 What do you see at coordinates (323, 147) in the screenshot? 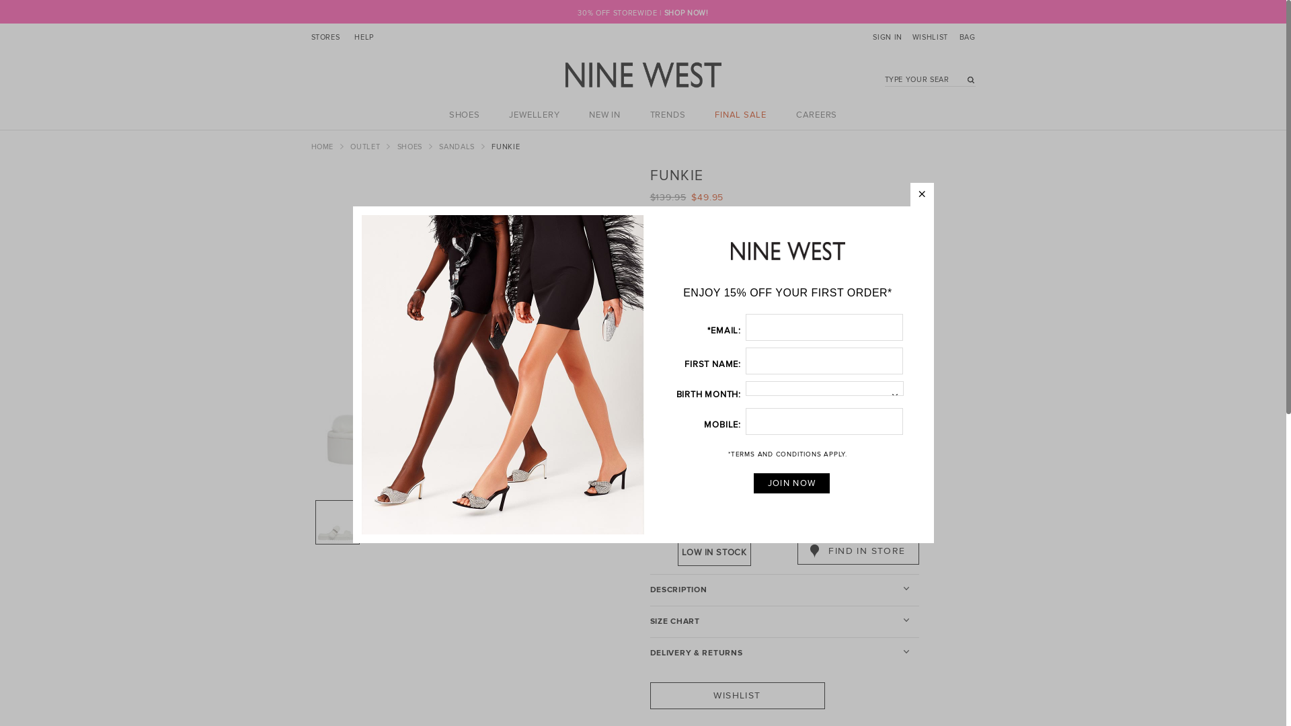
I see `'HOME'` at bounding box center [323, 147].